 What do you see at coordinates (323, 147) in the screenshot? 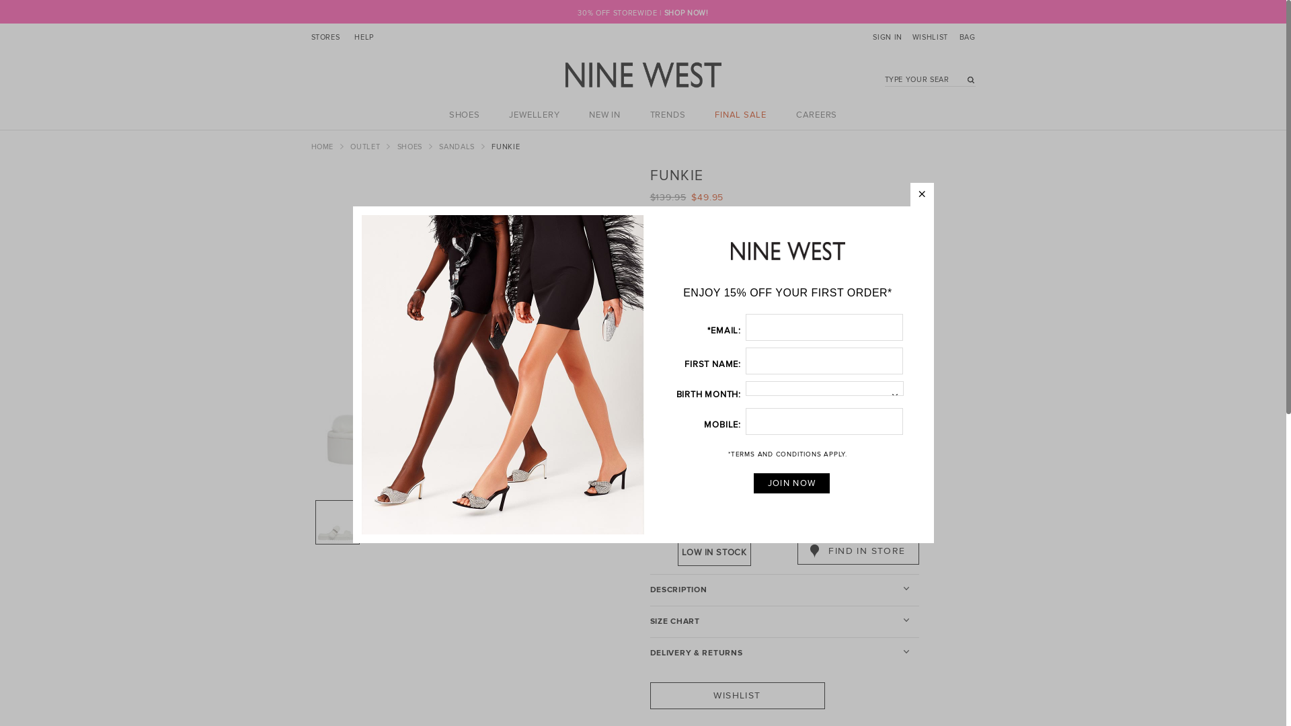
I see `'HOME'` at bounding box center [323, 147].